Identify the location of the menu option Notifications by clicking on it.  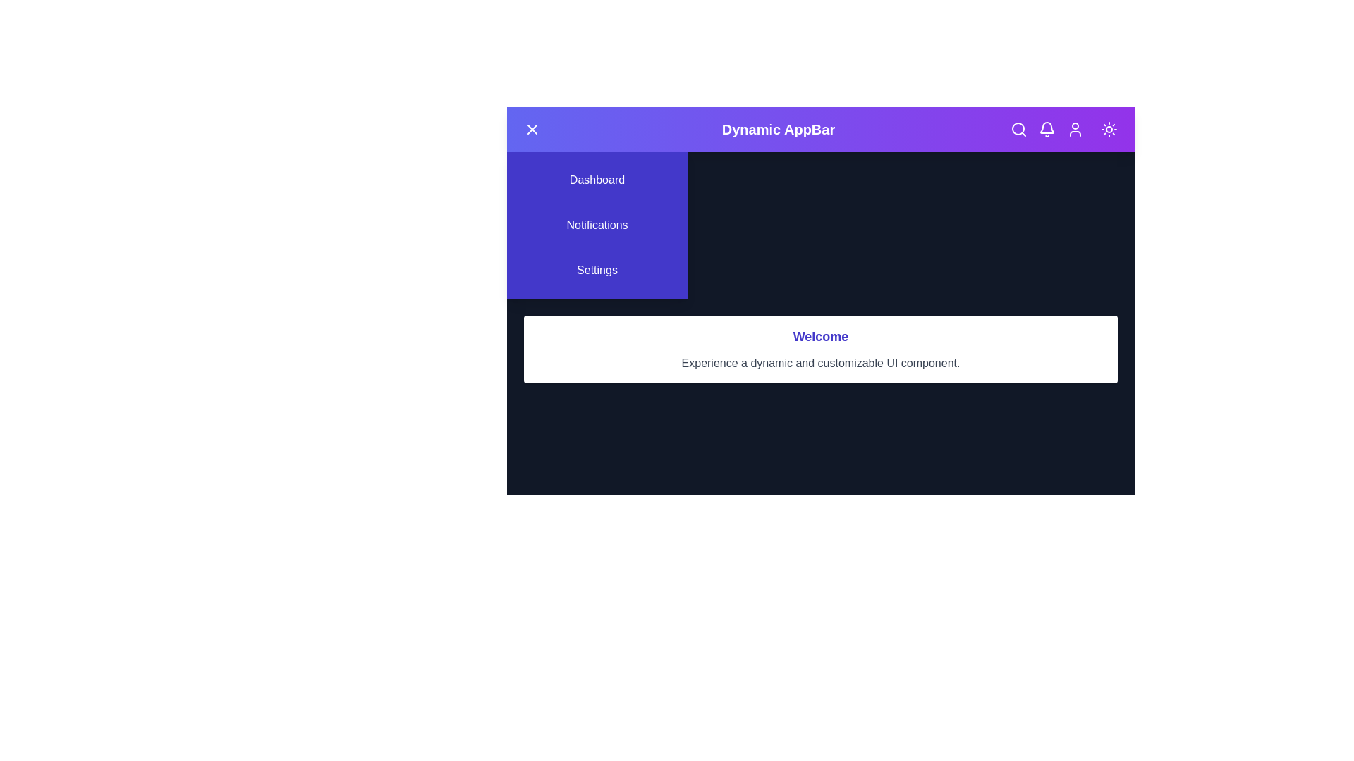
(597, 225).